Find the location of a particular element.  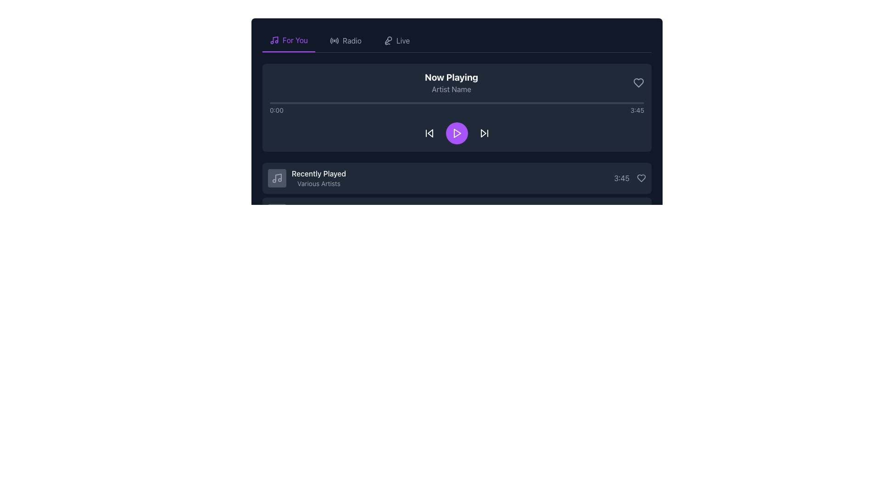

the small, square button with a dark gray background and a light gray musical note icon, located in the bottom-left section of the 'Recently Played' card is located at coordinates (277, 178).